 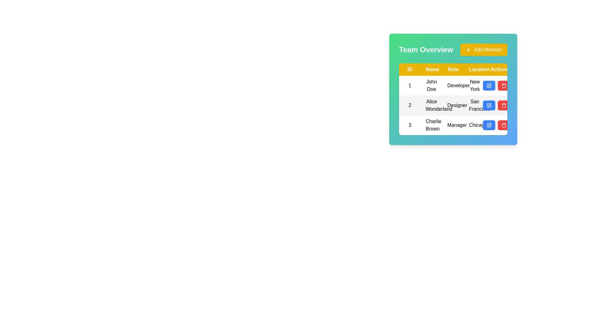 What do you see at coordinates (453, 69) in the screenshot?
I see `column labels of the Table Header Row located under the 'Team Overview' and '+ Add Member' buttons` at bounding box center [453, 69].